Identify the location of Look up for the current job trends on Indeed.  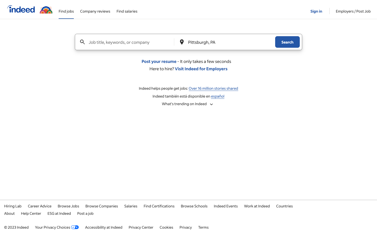
(188, 104).